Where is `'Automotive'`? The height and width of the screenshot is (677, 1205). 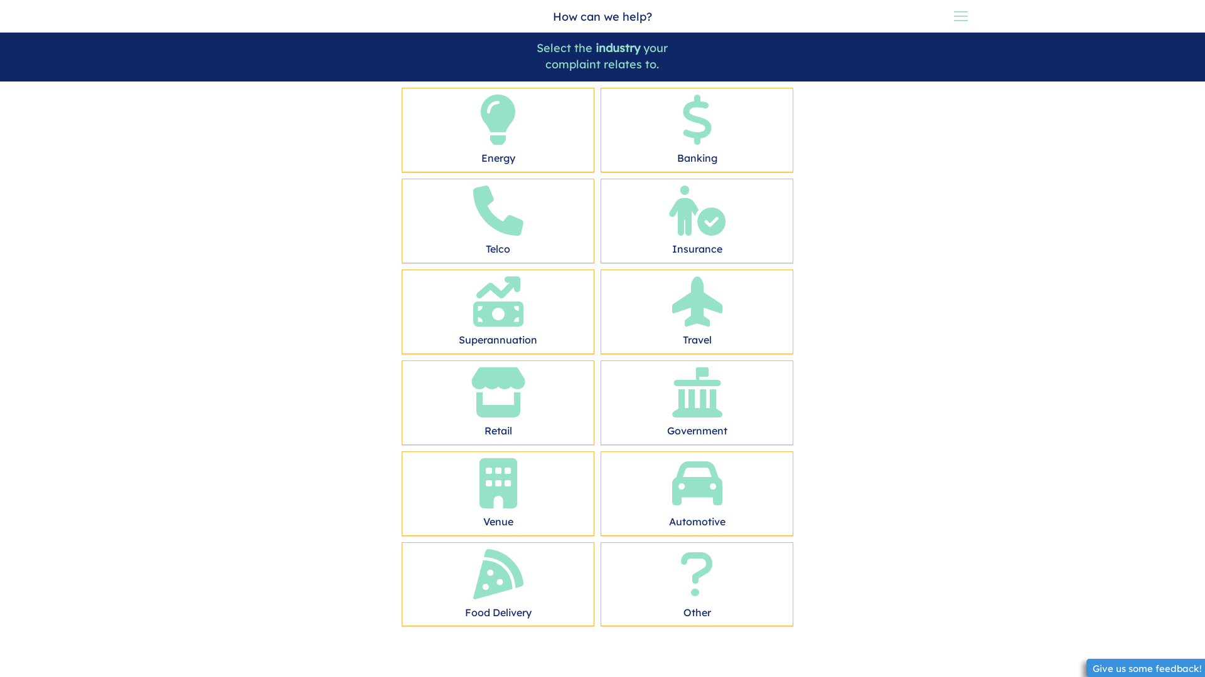 'Automotive' is located at coordinates (696, 490).